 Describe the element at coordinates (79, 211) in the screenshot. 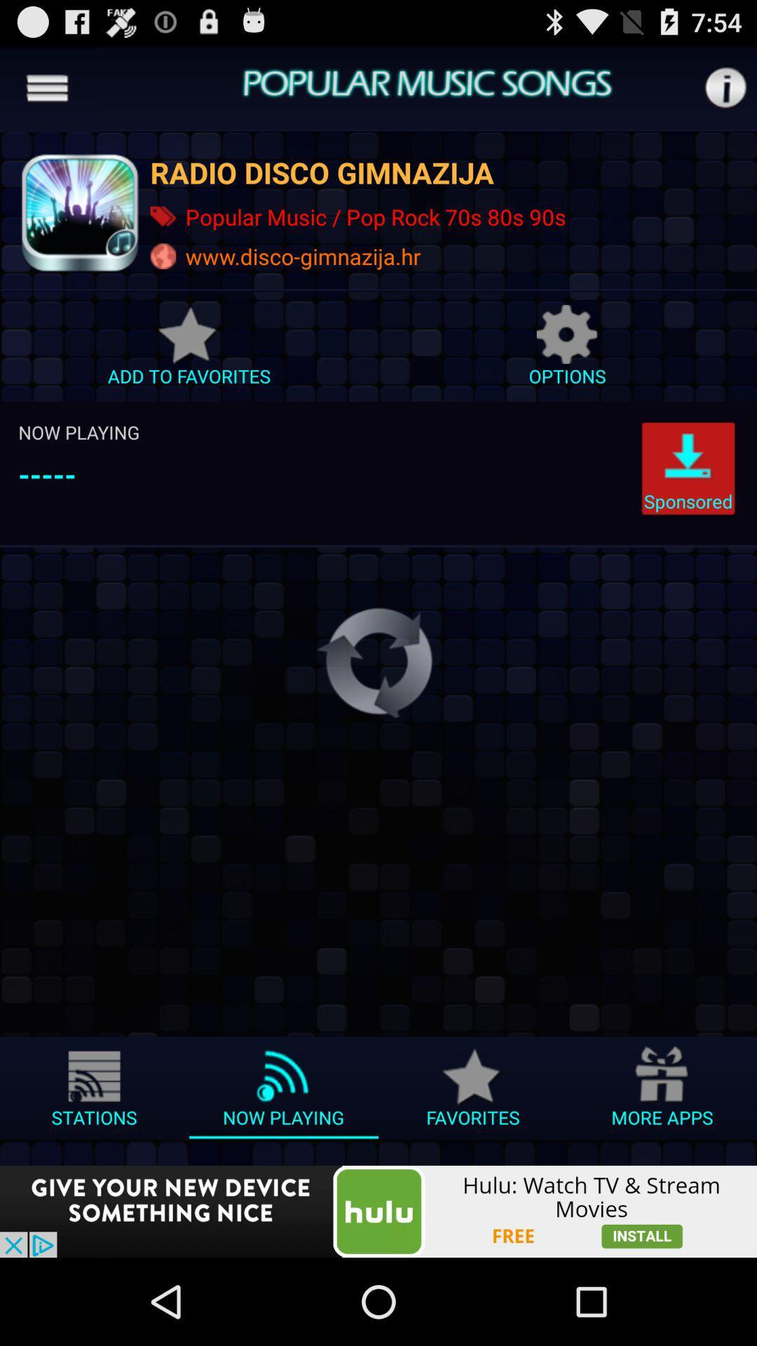

I see `the first image on the web page` at that location.